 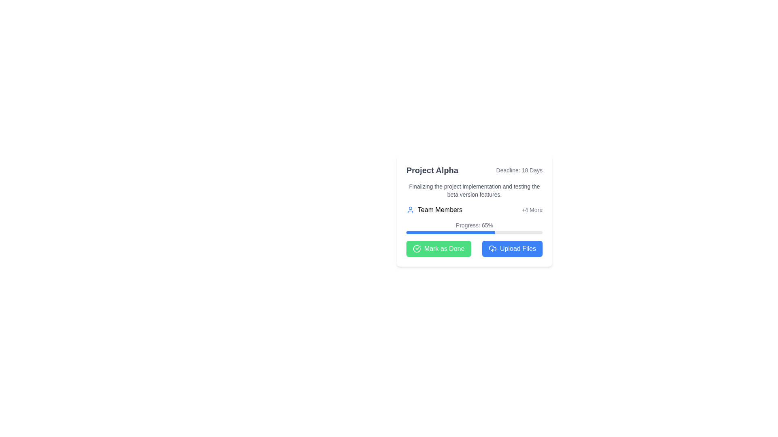 I want to click on the progress bar indicating 65% completion, which is styled with rounded edges and located beneath the label 'Progress: 65%', so click(x=474, y=232).